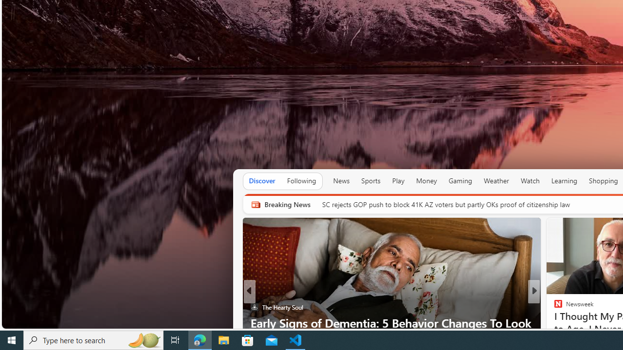 The height and width of the screenshot is (350, 623). What do you see at coordinates (554, 307) in the screenshot?
I see `'ETNT Mind+Body'` at bounding box center [554, 307].